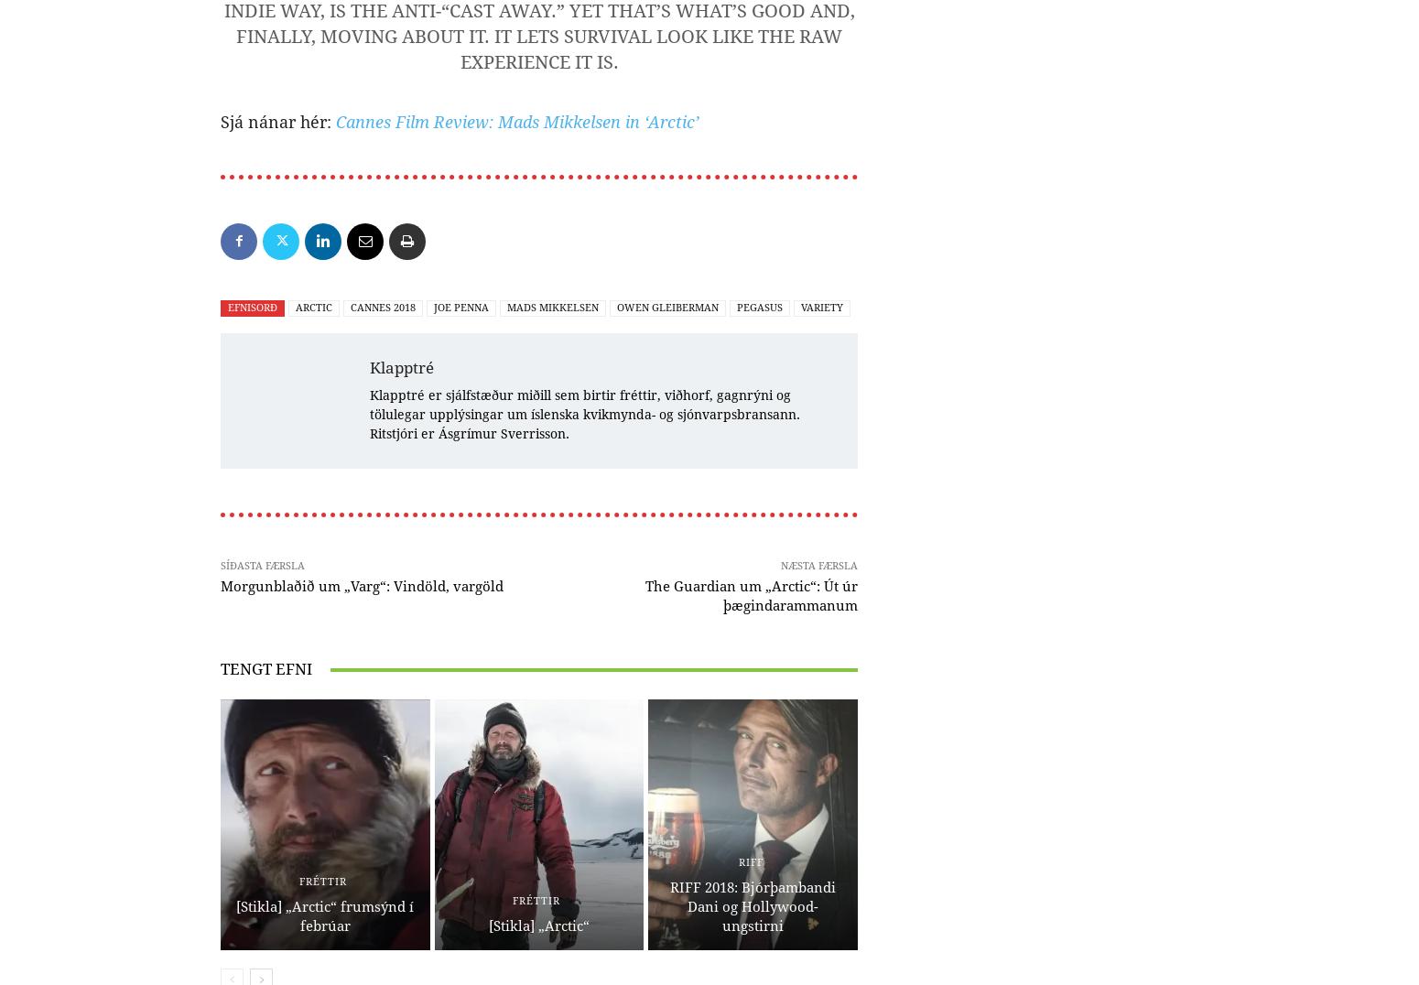  Describe the element at coordinates (822, 307) in the screenshot. I see `'Variety'` at that location.